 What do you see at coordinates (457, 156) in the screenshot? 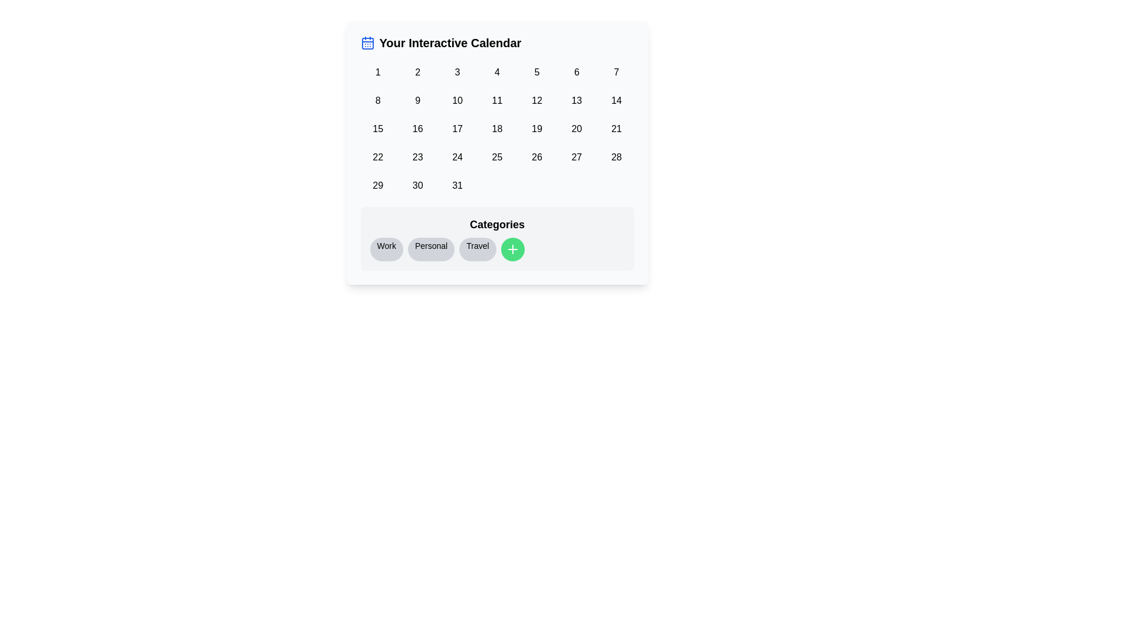
I see `the circular button displaying the number '24' in the calendar grid to focus on it` at bounding box center [457, 156].